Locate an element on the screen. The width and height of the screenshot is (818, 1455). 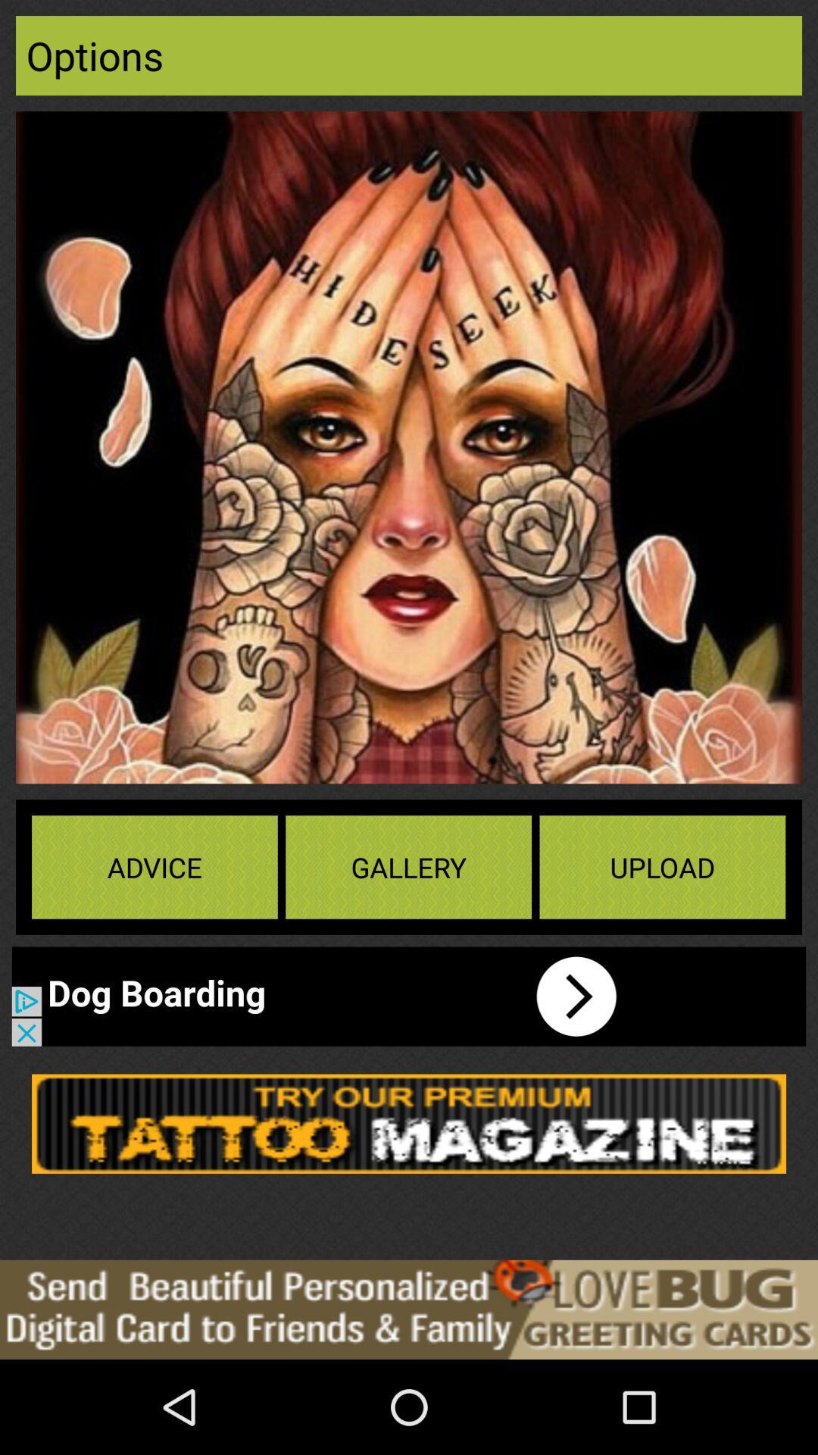
into is located at coordinates (329, 997).